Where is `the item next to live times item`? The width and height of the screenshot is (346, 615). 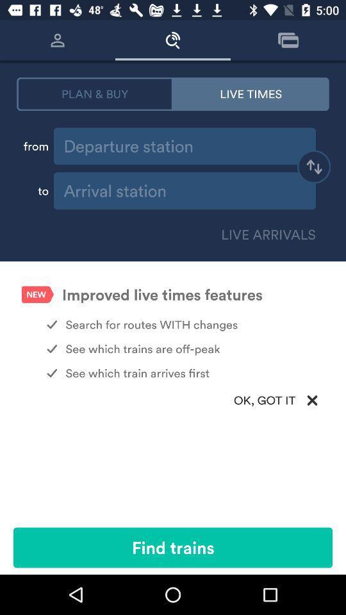
the item next to live times item is located at coordinates (94, 93).